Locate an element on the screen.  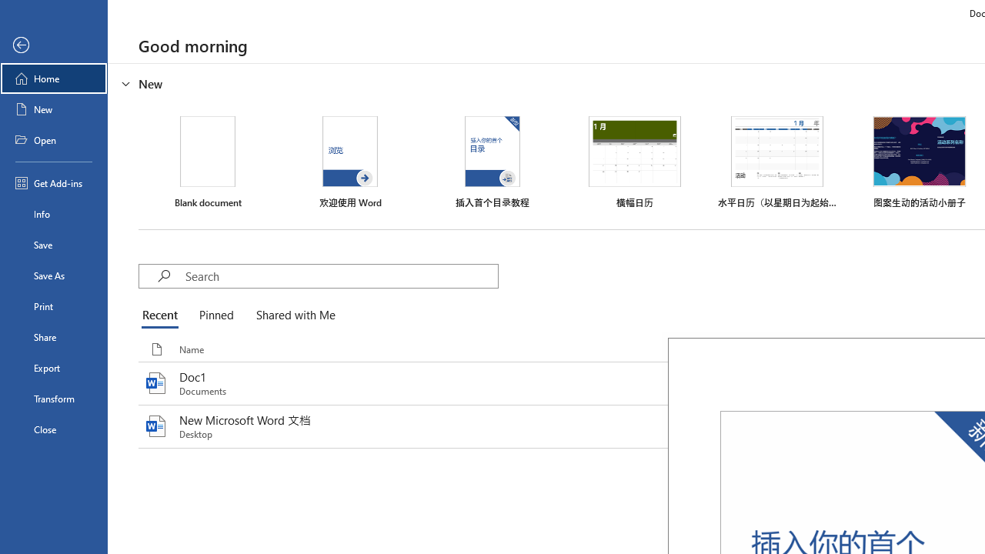
'Save' is located at coordinates (53, 243).